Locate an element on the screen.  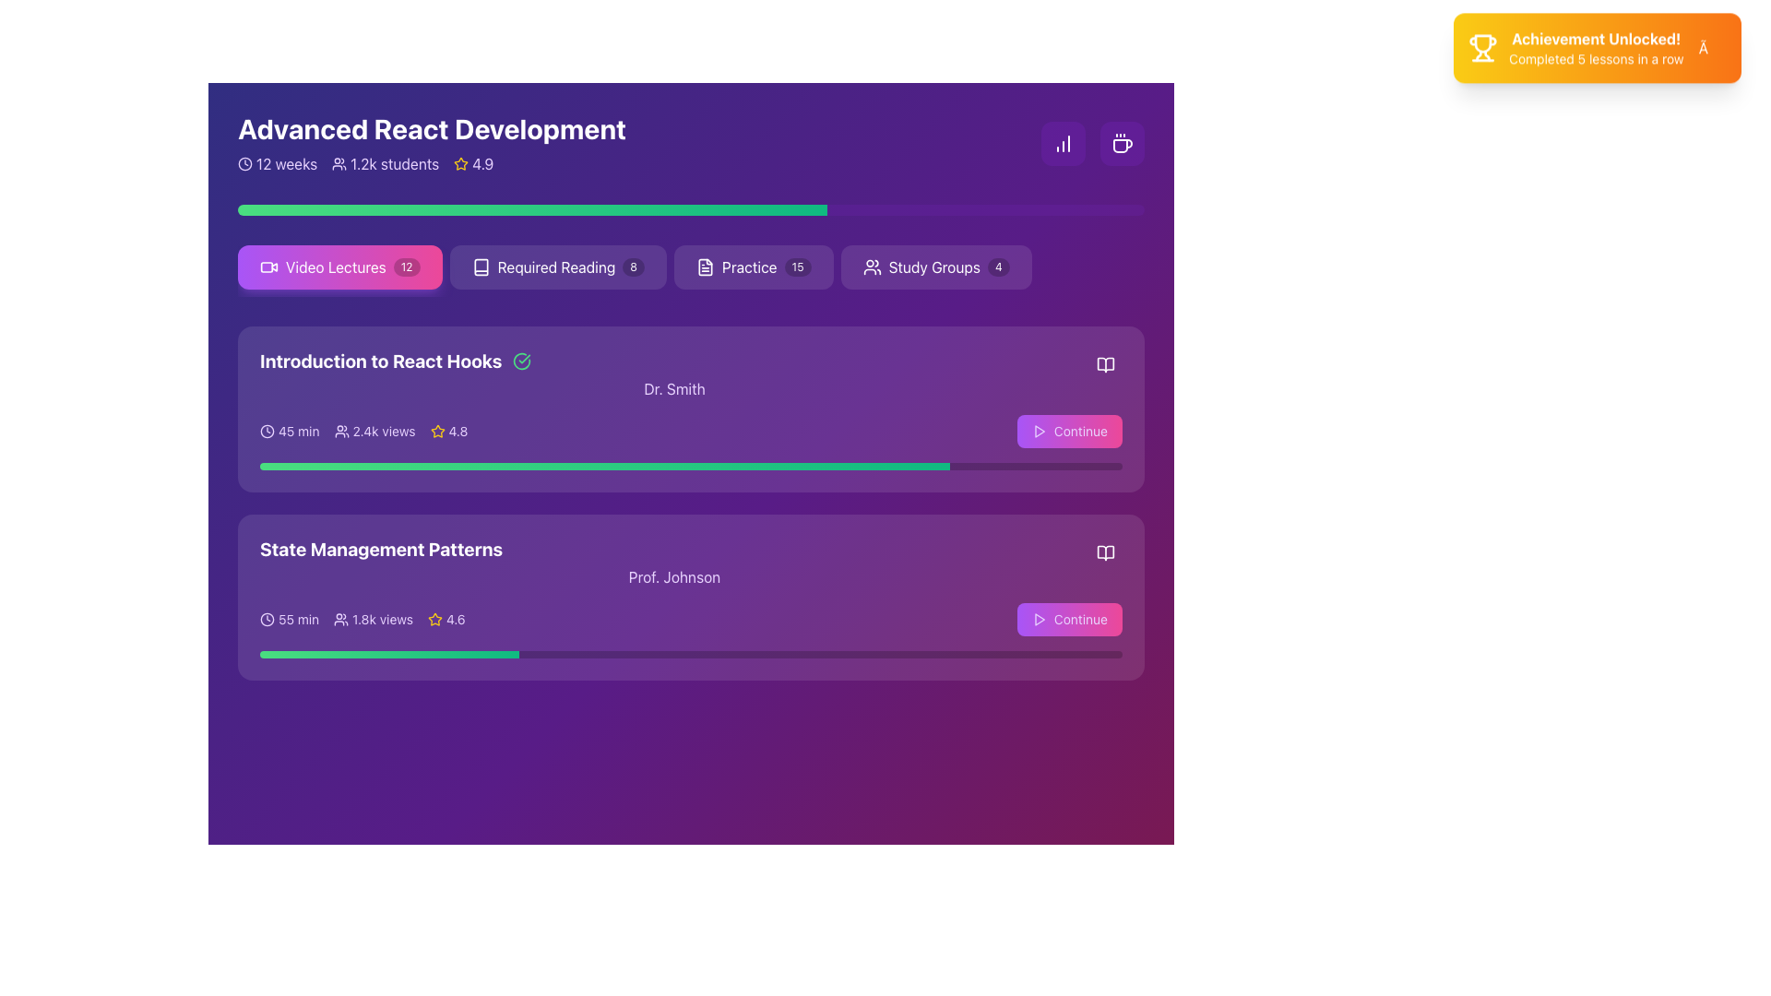
the clock icon located in the 'Advanced React Development' section, which visually represents the duration of the course, preceding the text '12 weeks' is located at coordinates (244, 162).